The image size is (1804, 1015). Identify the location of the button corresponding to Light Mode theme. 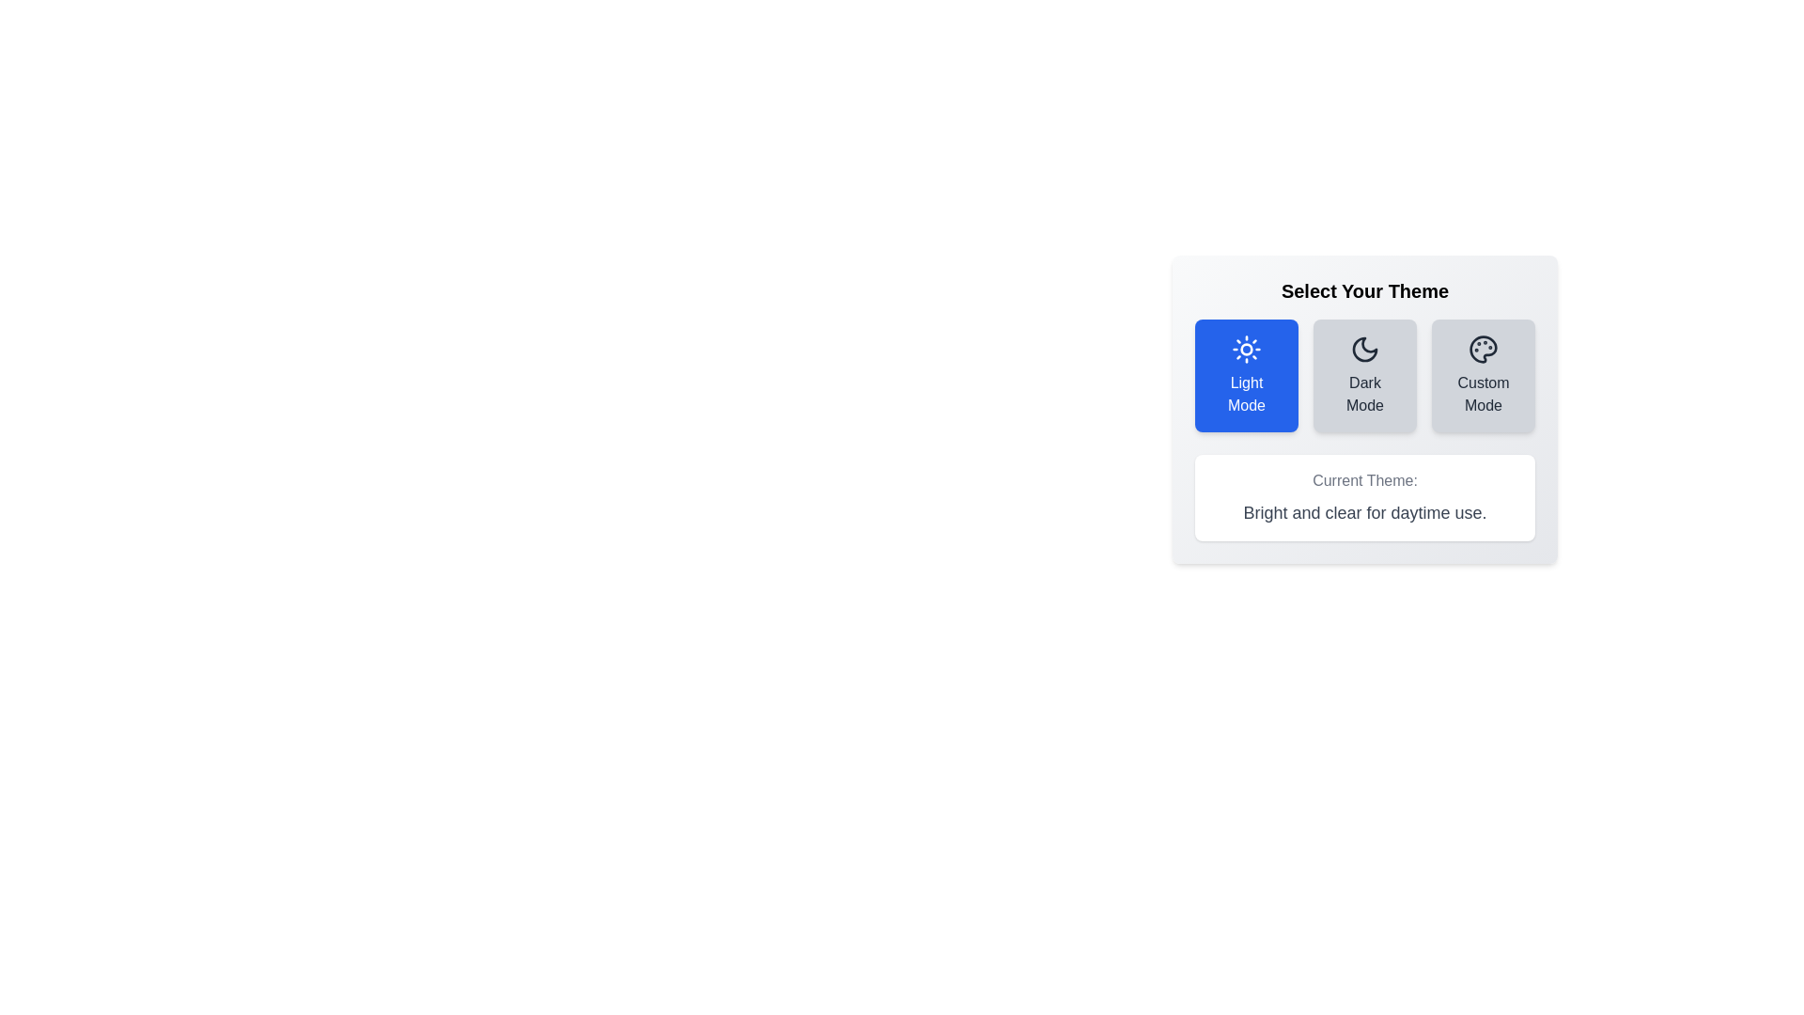
(1246, 376).